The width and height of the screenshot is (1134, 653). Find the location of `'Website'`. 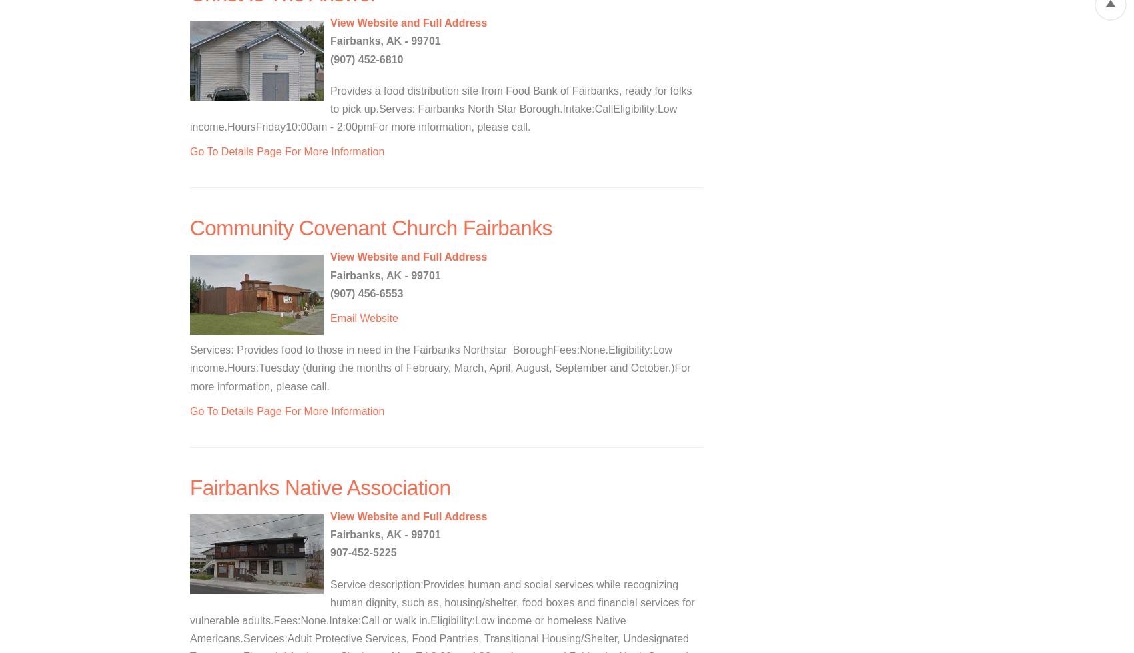

'Website' is located at coordinates (378, 318).